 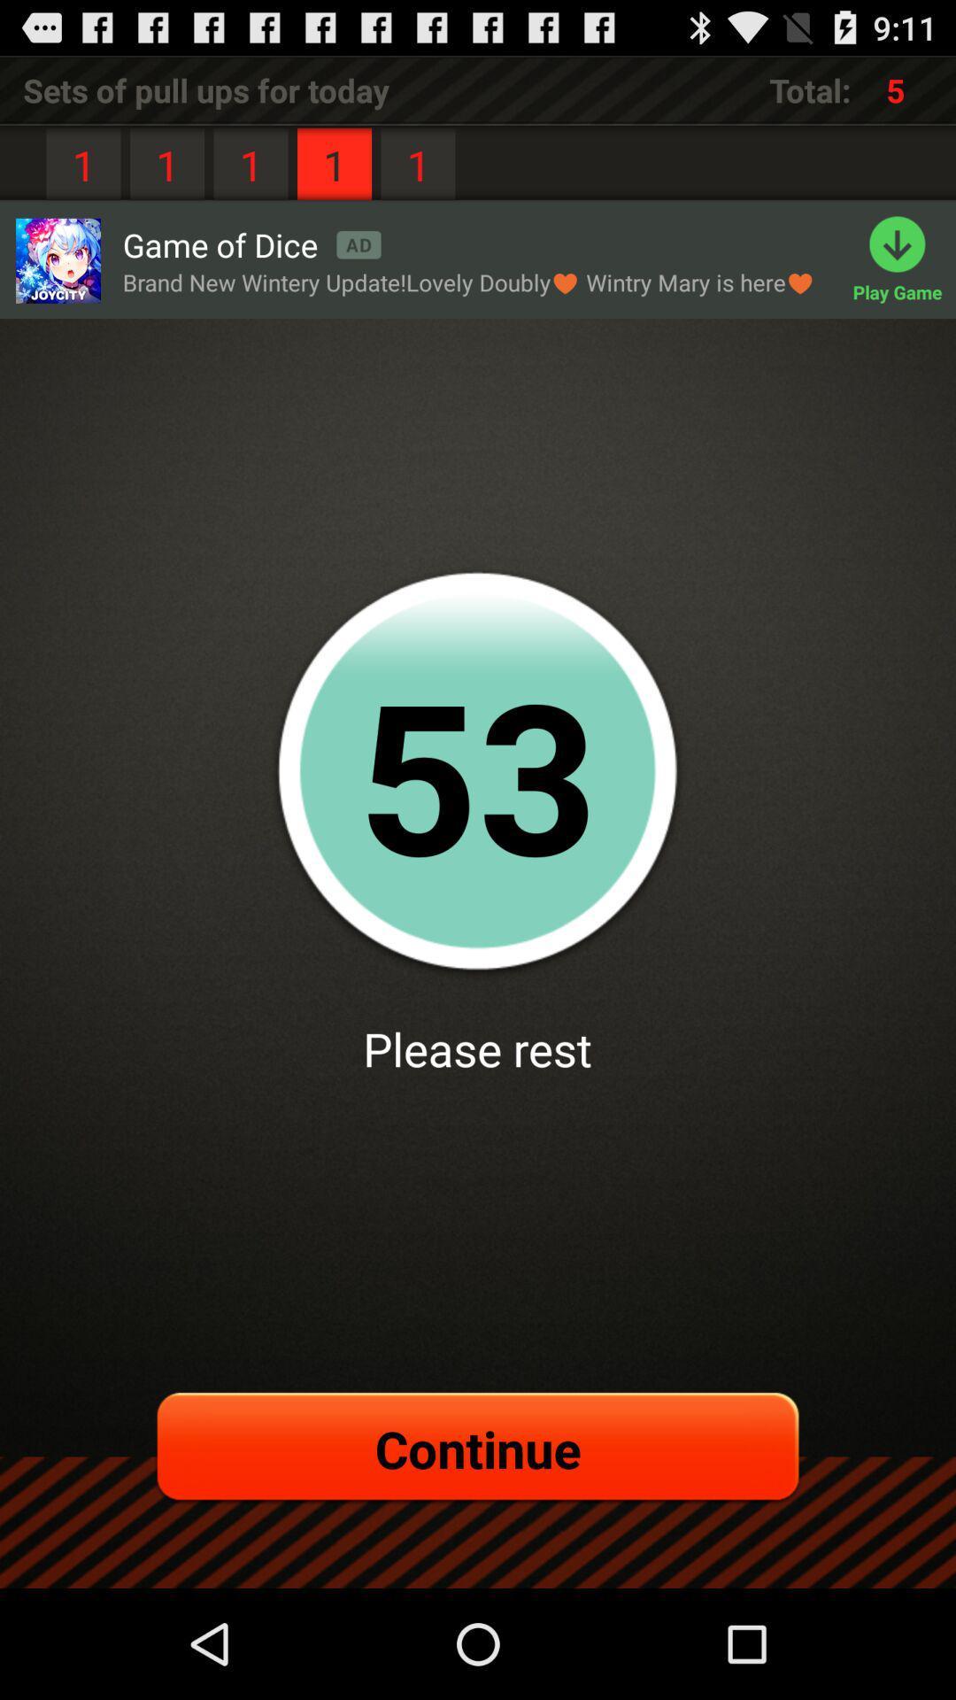 What do you see at coordinates (467, 282) in the screenshot?
I see `the brand new wintery item` at bounding box center [467, 282].